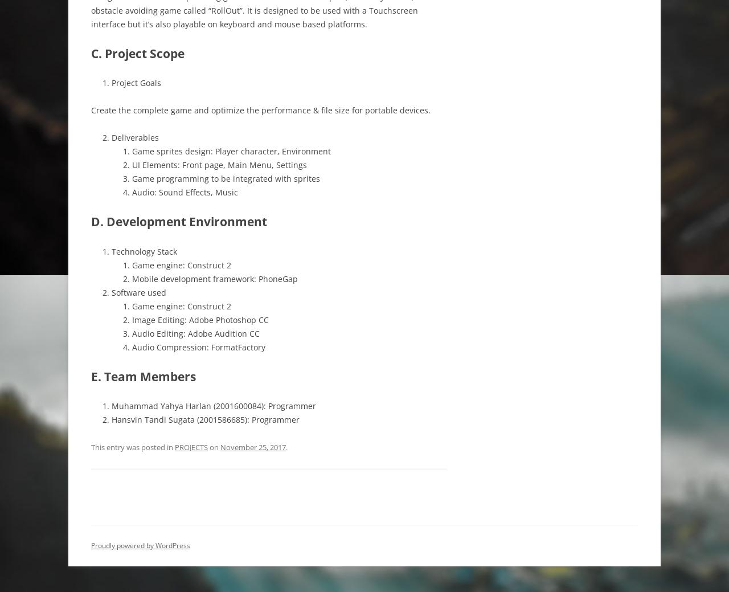  Describe the element at coordinates (140, 545) in the screenshot. I see `'Proudly powered by WordPress'` at that location.